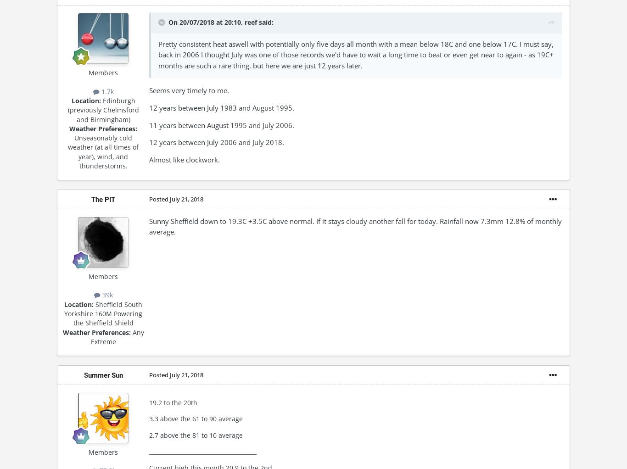  What do you see at coordinates (203, 451) in the screenshot?
I see `'_______________________________________'` at bounding box center [203, 451].